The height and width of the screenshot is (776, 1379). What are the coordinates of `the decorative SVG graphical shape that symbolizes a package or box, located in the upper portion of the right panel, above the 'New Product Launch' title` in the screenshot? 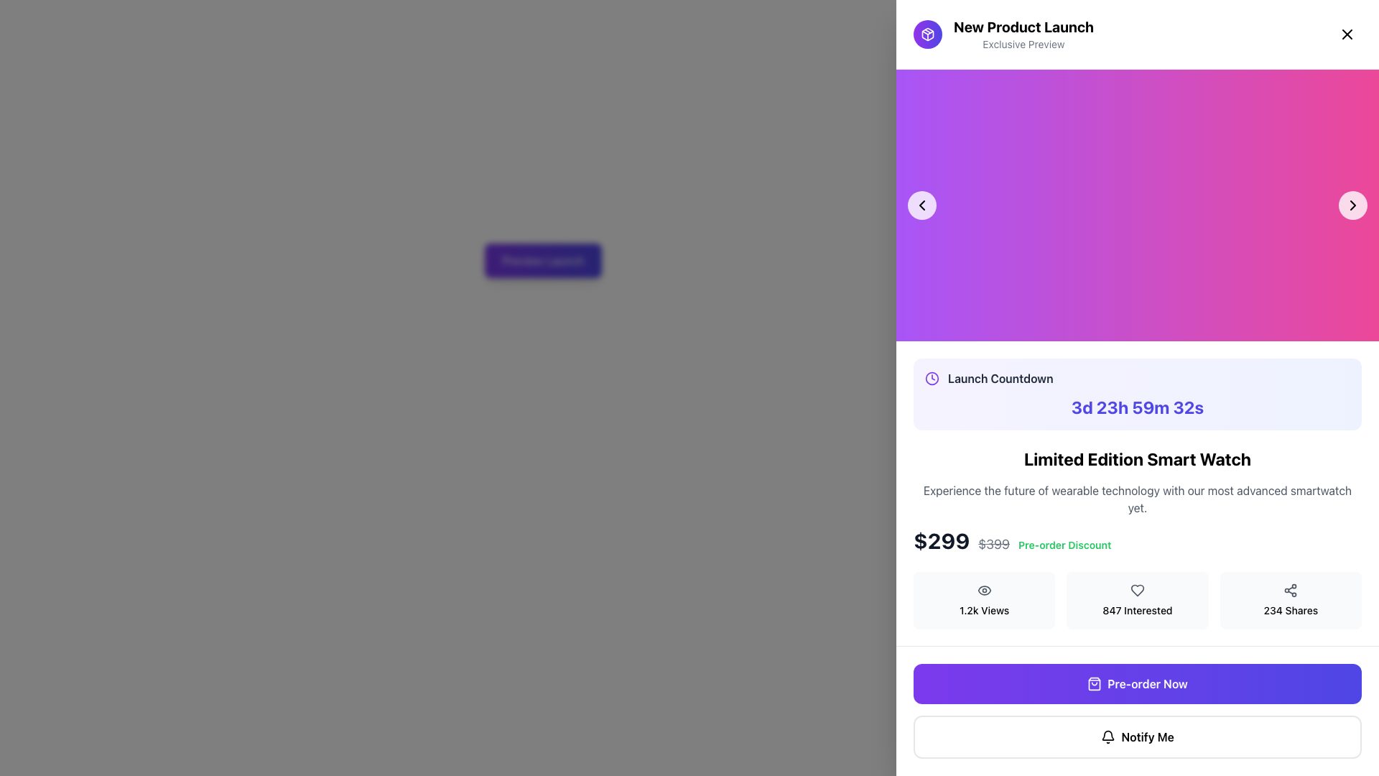 It's located at (927, 33).